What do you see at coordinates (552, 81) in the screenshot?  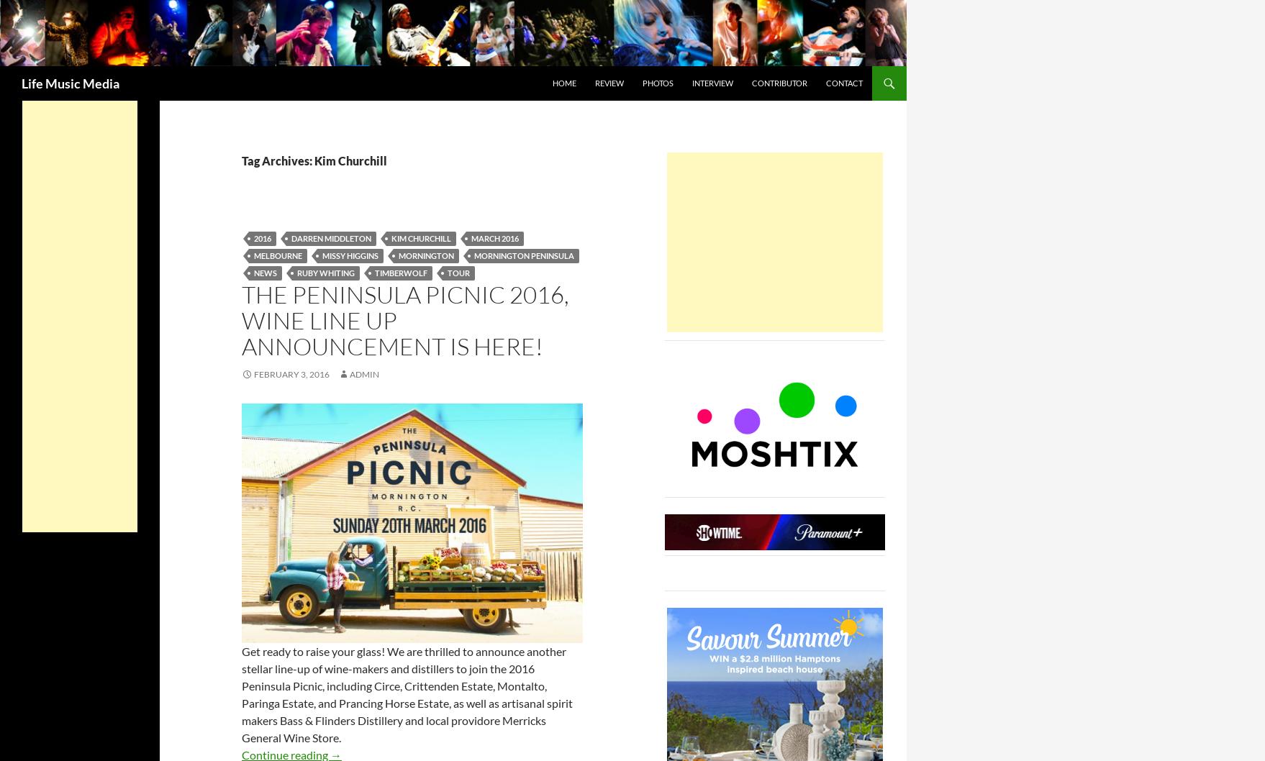 I see `'Home'` at bounding box center [552, 81].